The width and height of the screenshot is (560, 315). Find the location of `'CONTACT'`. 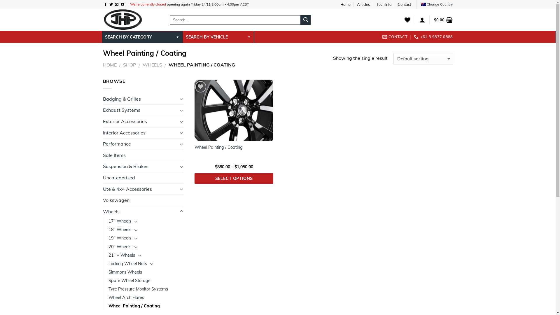

'CONTACT' is located at coordinates (395, 37).